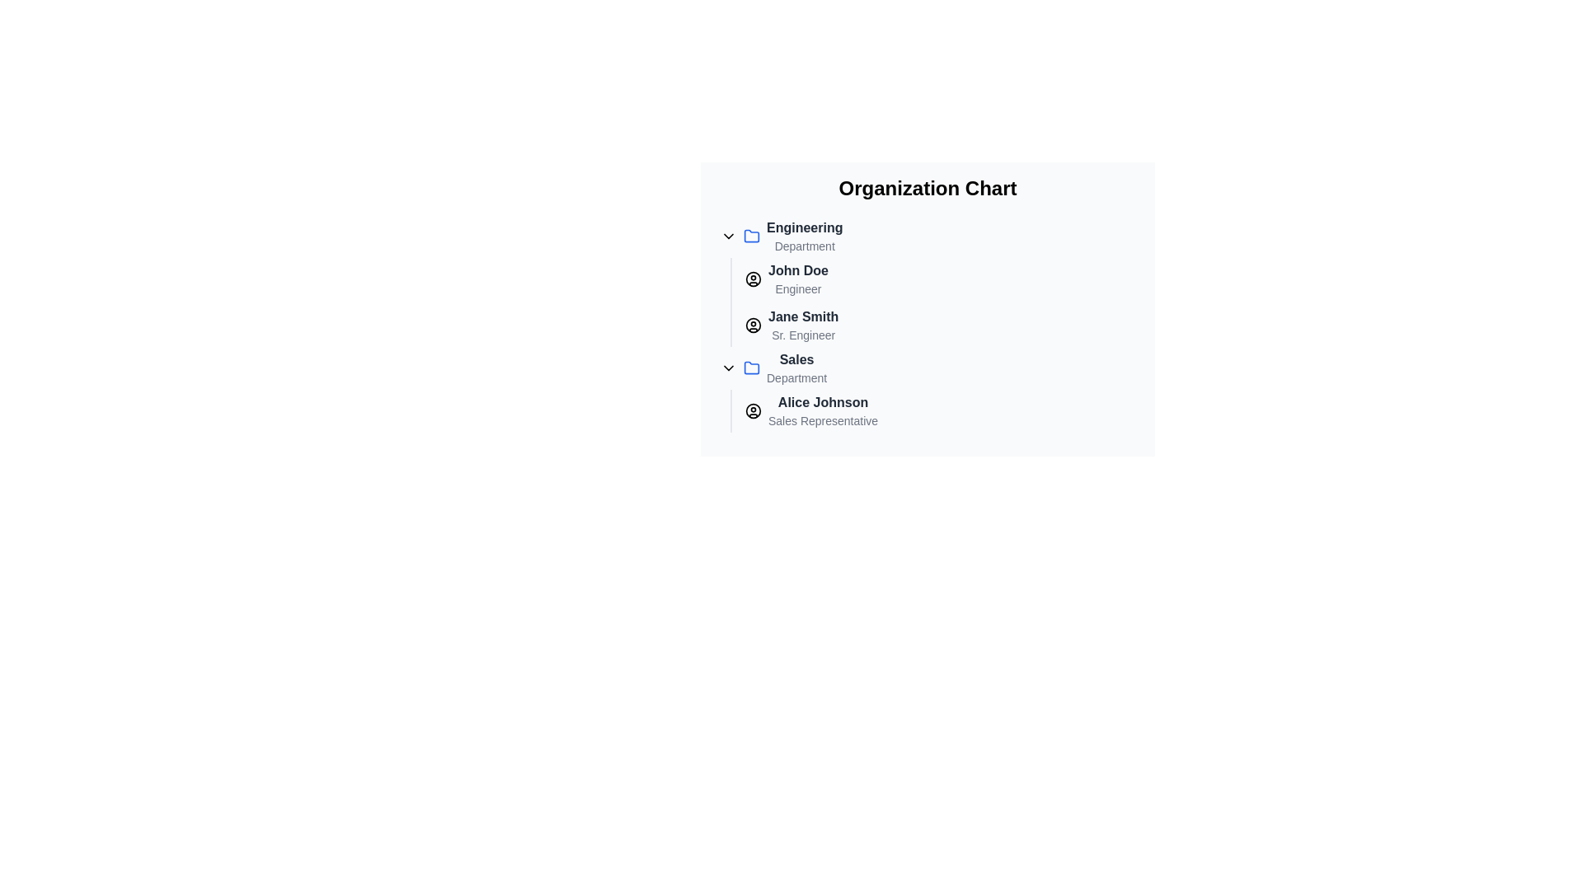 The width and height of the screenshot is (1583, 890). What do you see at coordinates (752, 279) in the screenshot?
I see `the decorative icon representing 'John Doe' in the Engineering section of the organizational chart` at bounding box center [752, 279].